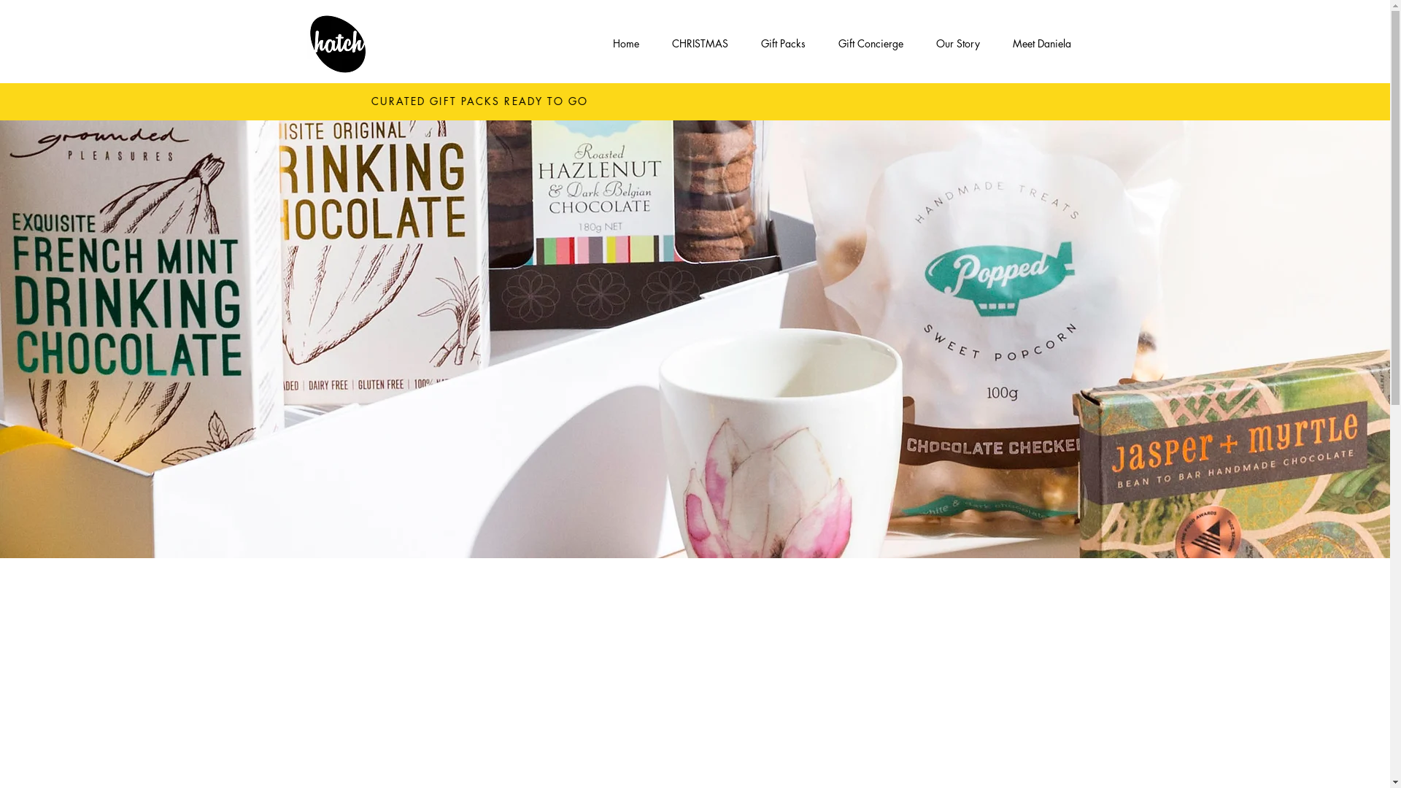  Describe the element at coordinates (626, 43) in the screenshot. I see `'Home'` at that location.